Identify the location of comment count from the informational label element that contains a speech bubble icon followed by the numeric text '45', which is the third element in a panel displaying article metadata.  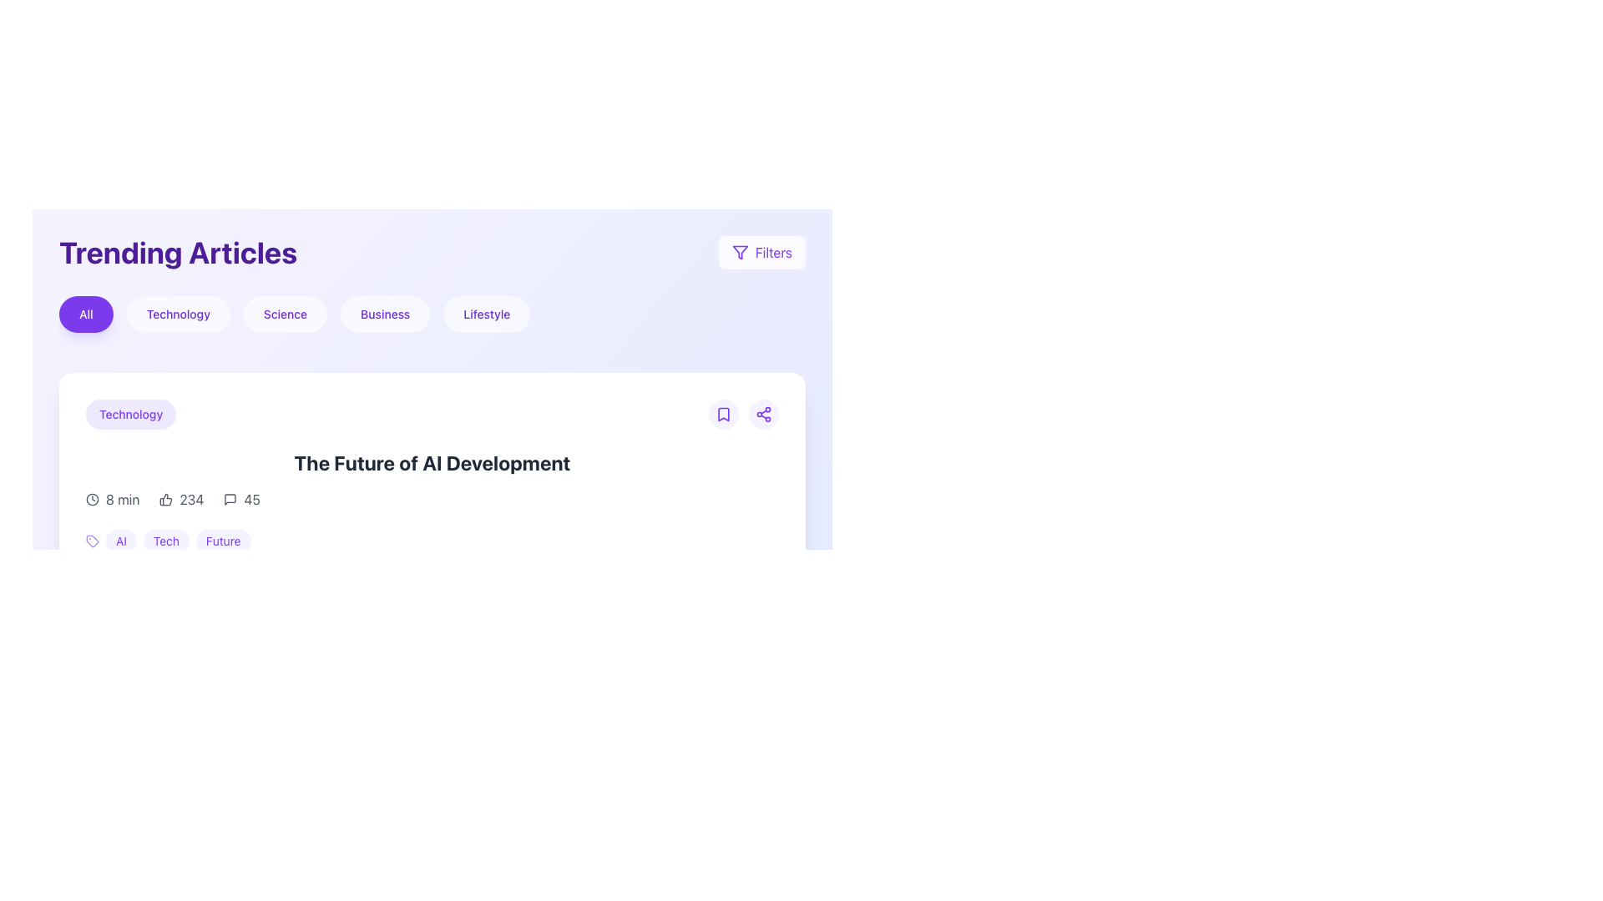
(241, 498).